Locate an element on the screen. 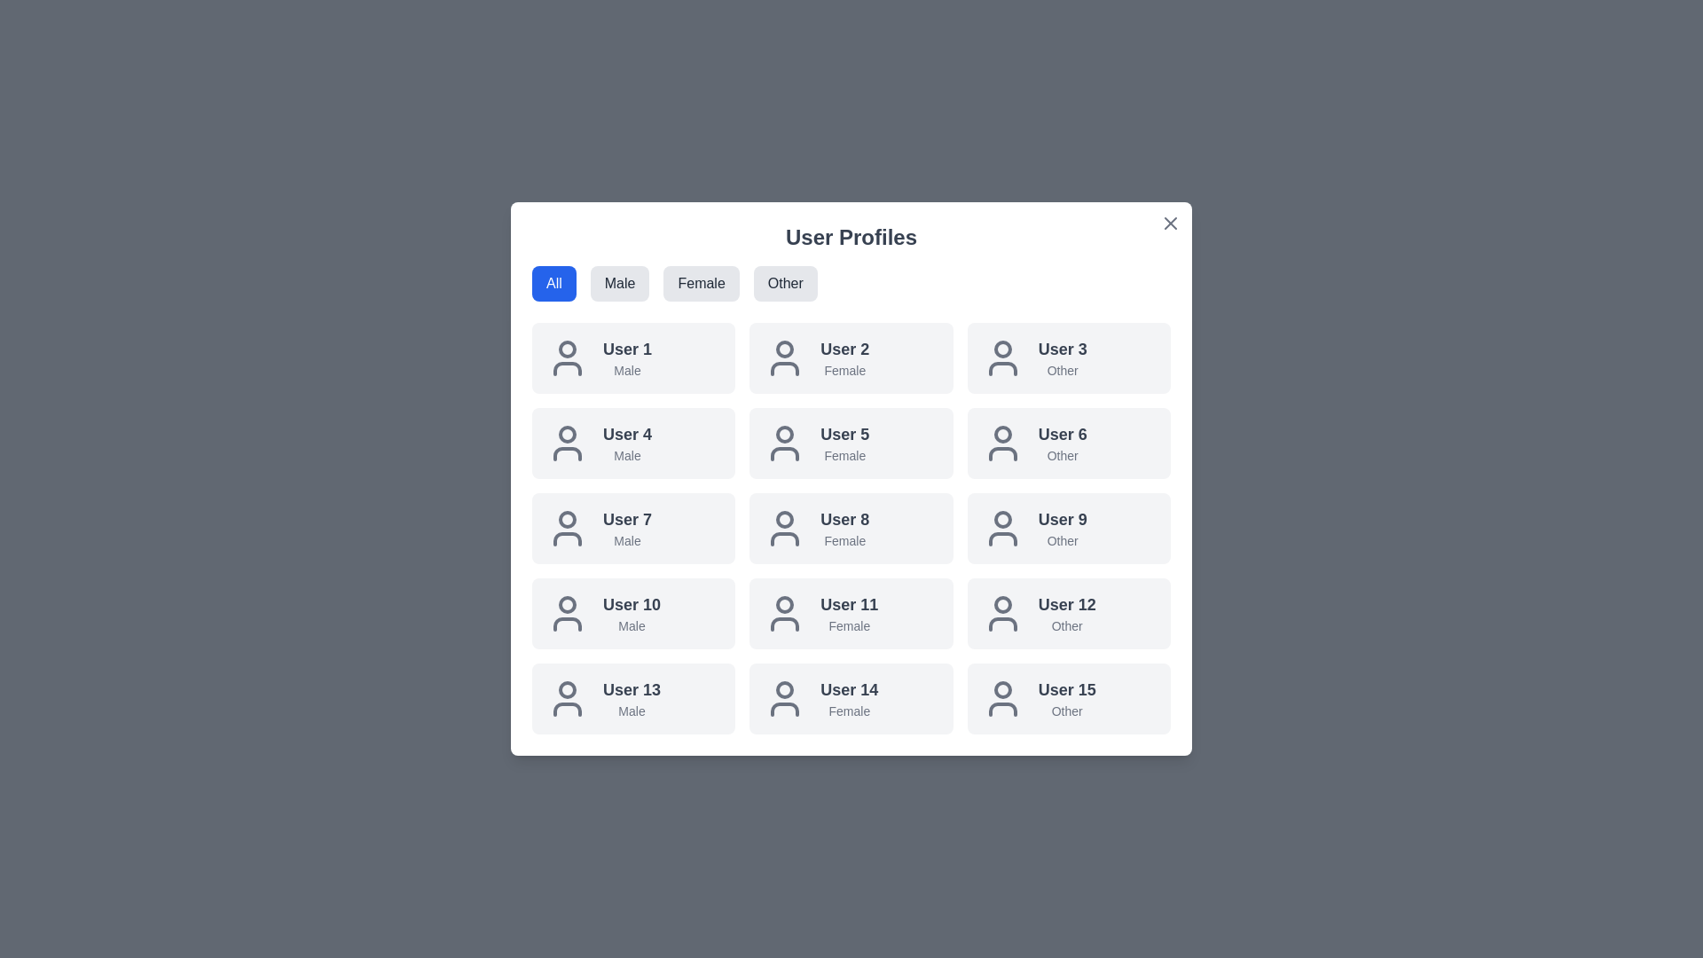 Image resolution: width=1703 pixels, height=958 pixels. the gender filter button labeled Female is located at coordinates (701, 283).